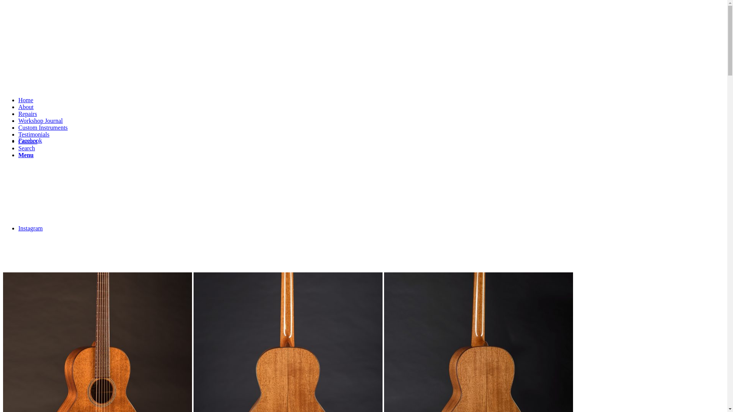 This screenshot has height=412, width=733. I want to click on 'Home', so click(18, 100).